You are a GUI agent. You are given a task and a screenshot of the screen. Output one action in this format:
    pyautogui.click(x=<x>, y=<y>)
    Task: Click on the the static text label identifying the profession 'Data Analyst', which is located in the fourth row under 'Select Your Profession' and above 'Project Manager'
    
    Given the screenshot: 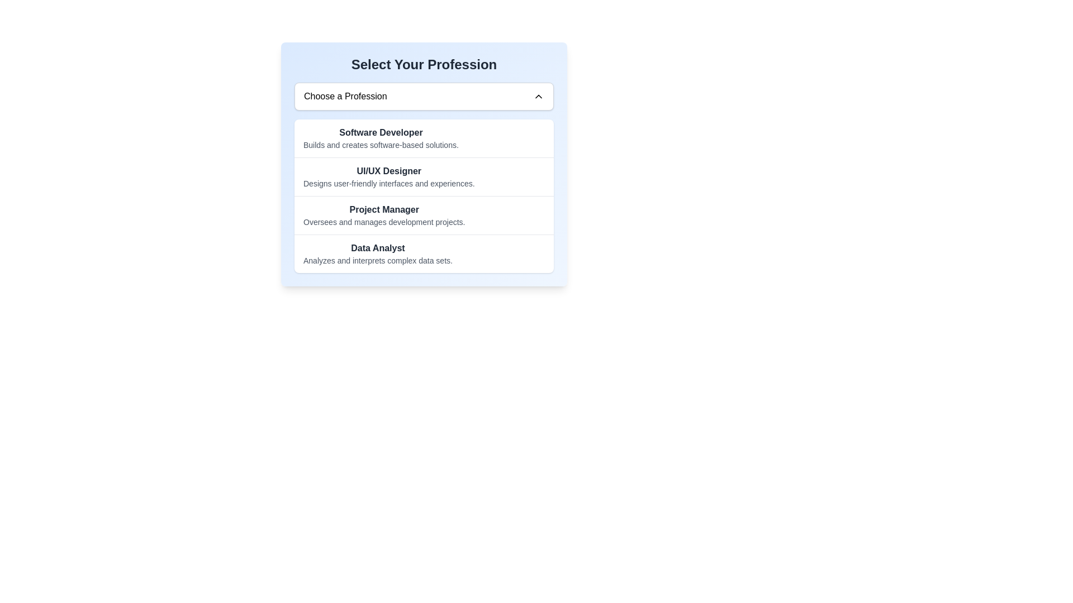 What is the action you would take?
    pyautogui.click(x=378, y=247)
    